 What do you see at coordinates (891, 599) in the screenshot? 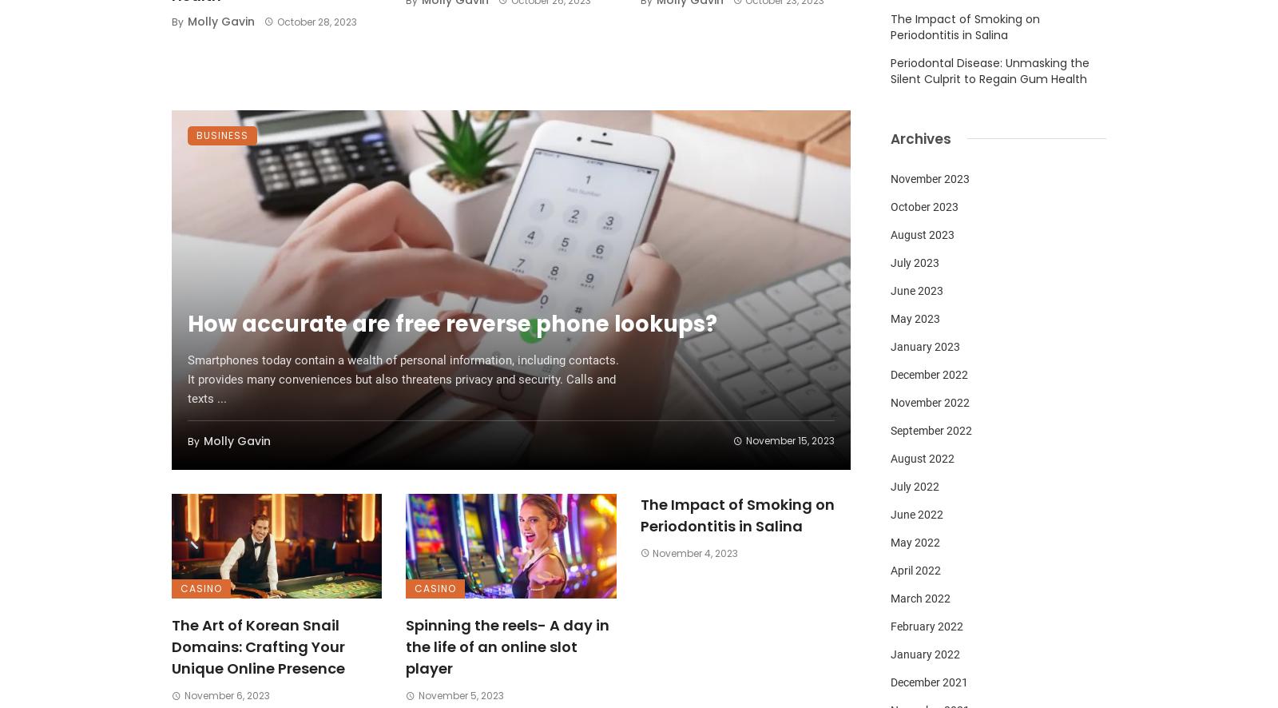
I see `'March 2022'` at bounding box center [891, 599].